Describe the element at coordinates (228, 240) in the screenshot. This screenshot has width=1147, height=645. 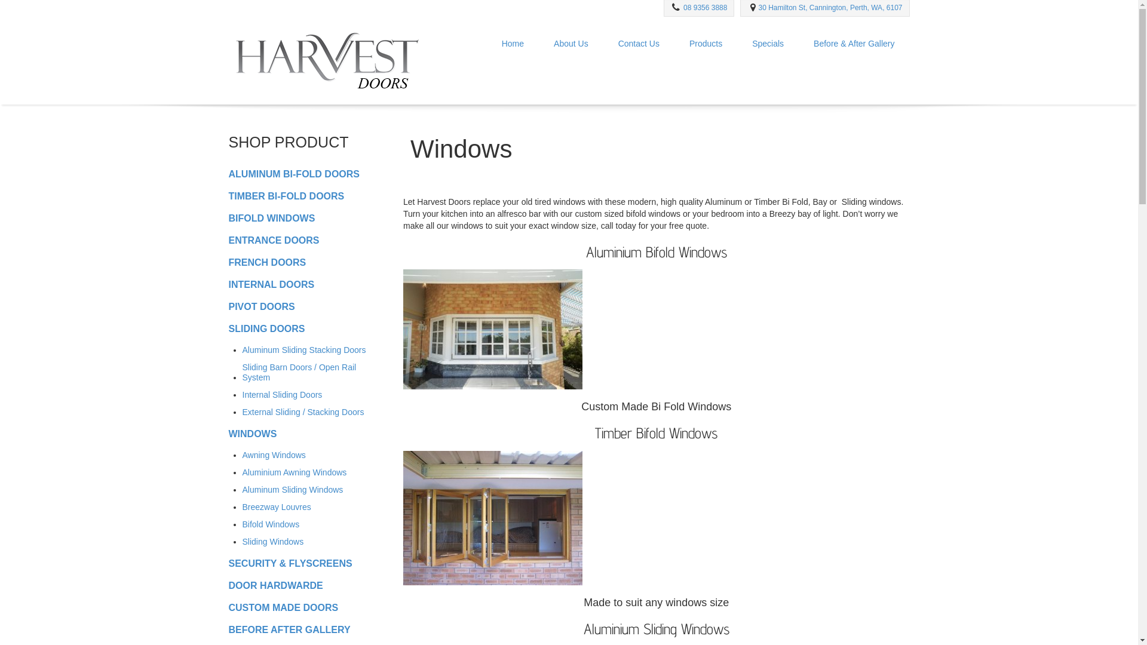
I see `'ENTRANCE DOORS'` at that location.